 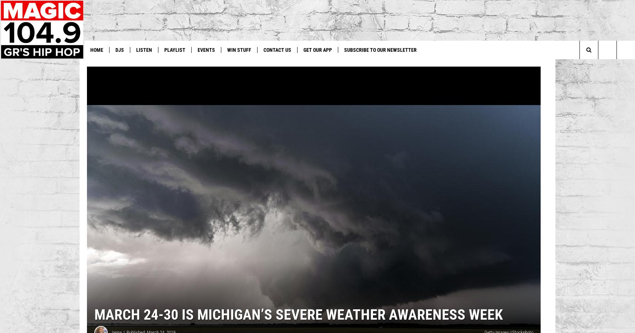 I want to click on 'DJs', so click(x=120, y=50).